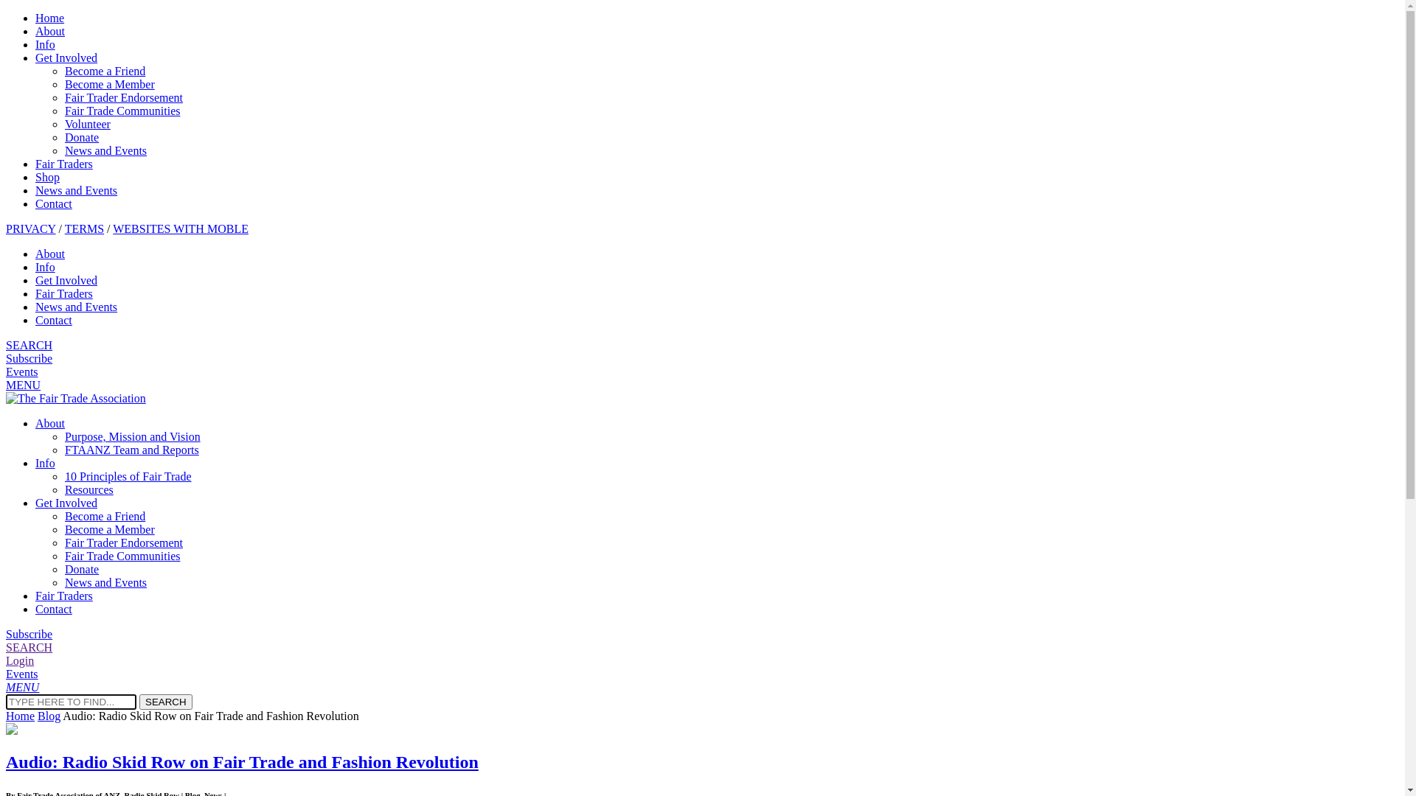 Image resolution: width=1416 pixels, height=796 pixels. I want to click on 'Subscribe', so click(29, 358).